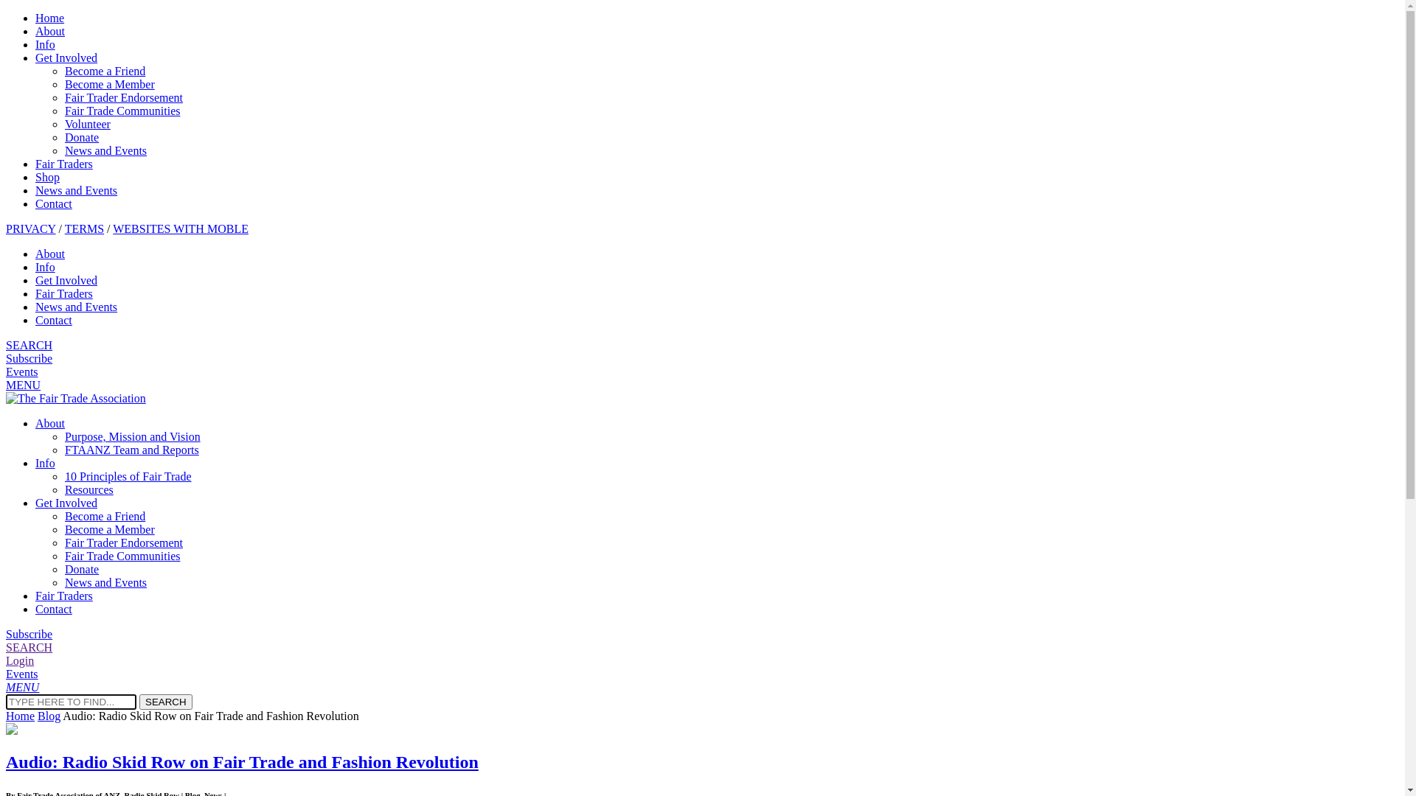 Image resolution: width=1416 pixels, height=796 pixels. I want to click on 'Subscribe', so click(29, 358).